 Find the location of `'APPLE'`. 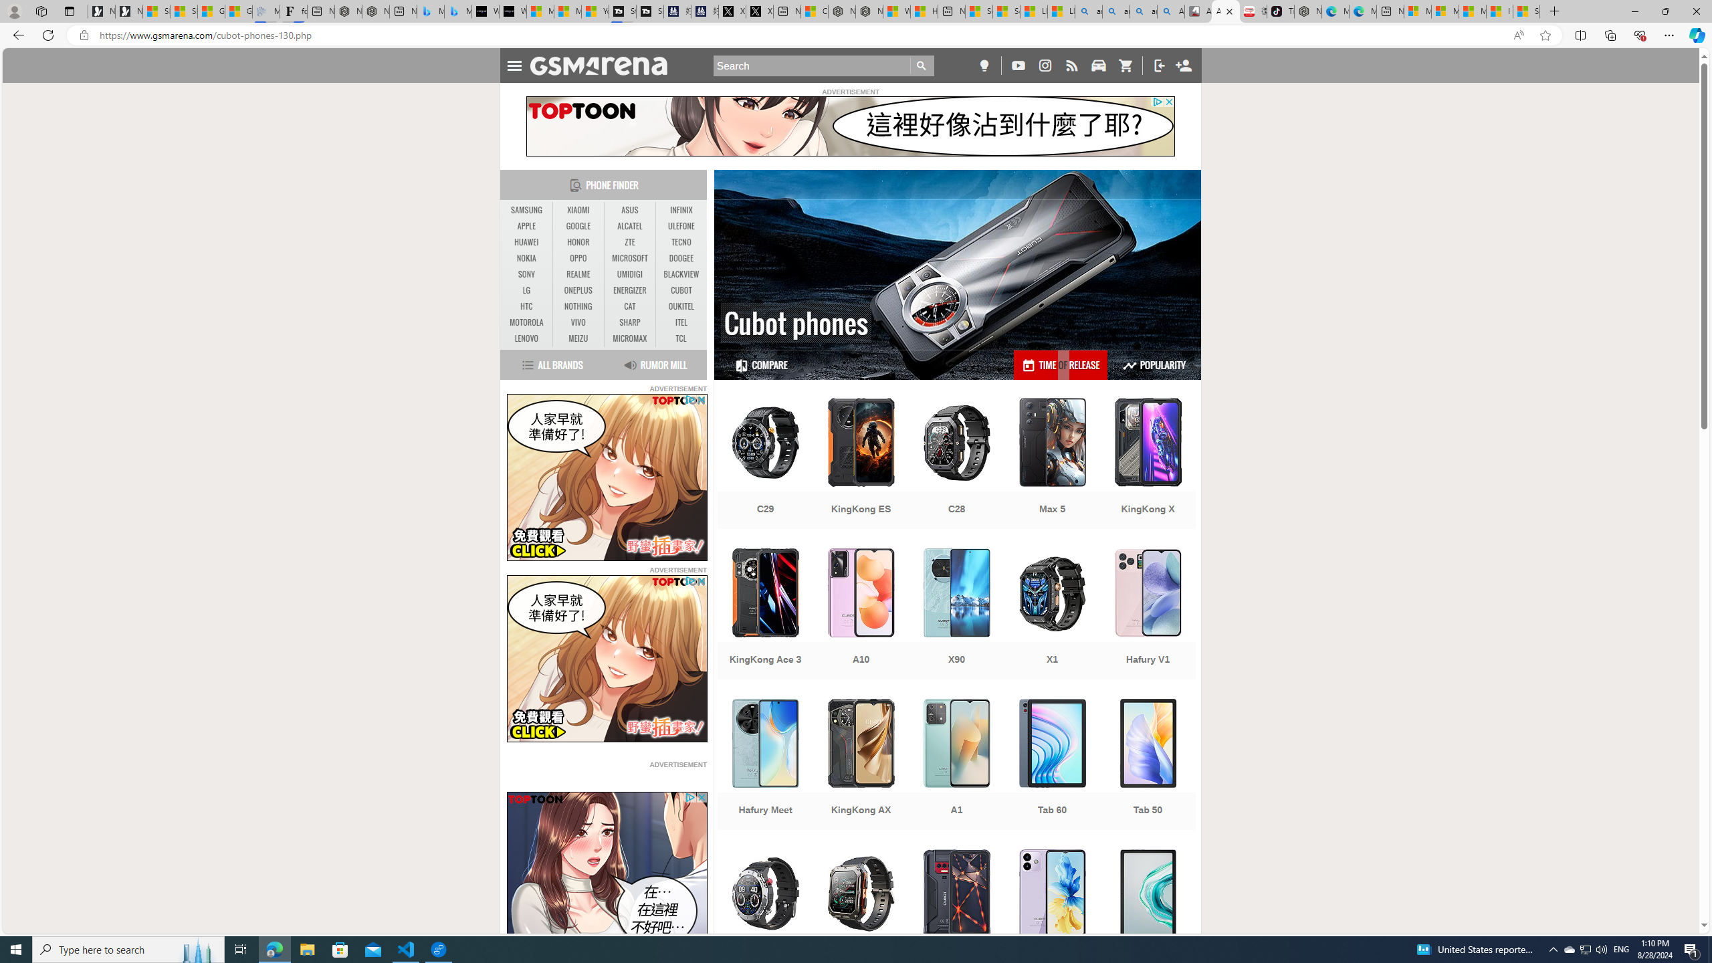

'APPLE' is located at coordinates (526, 225).